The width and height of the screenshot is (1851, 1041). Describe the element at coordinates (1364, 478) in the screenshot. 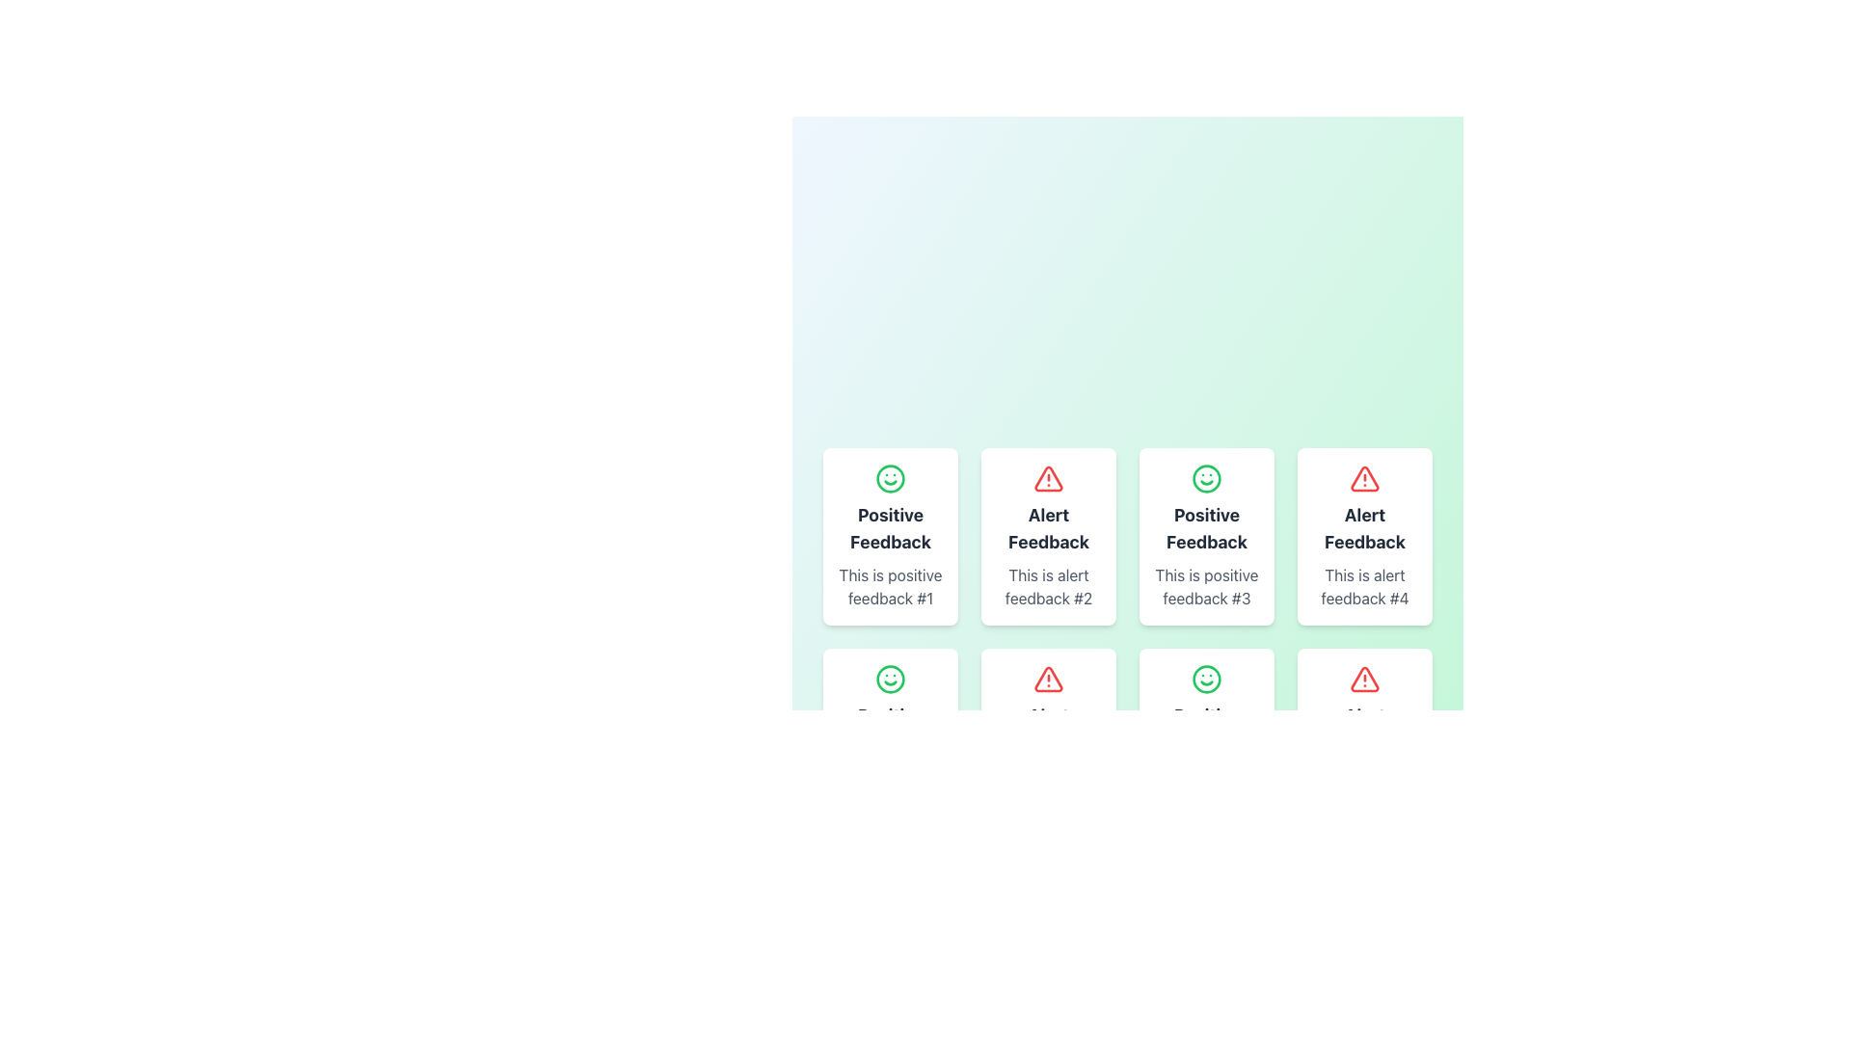

I see `the alert icon located in the 'Alert Feedback' card, which is in the second row and fourth column of the grid layout` at that location.